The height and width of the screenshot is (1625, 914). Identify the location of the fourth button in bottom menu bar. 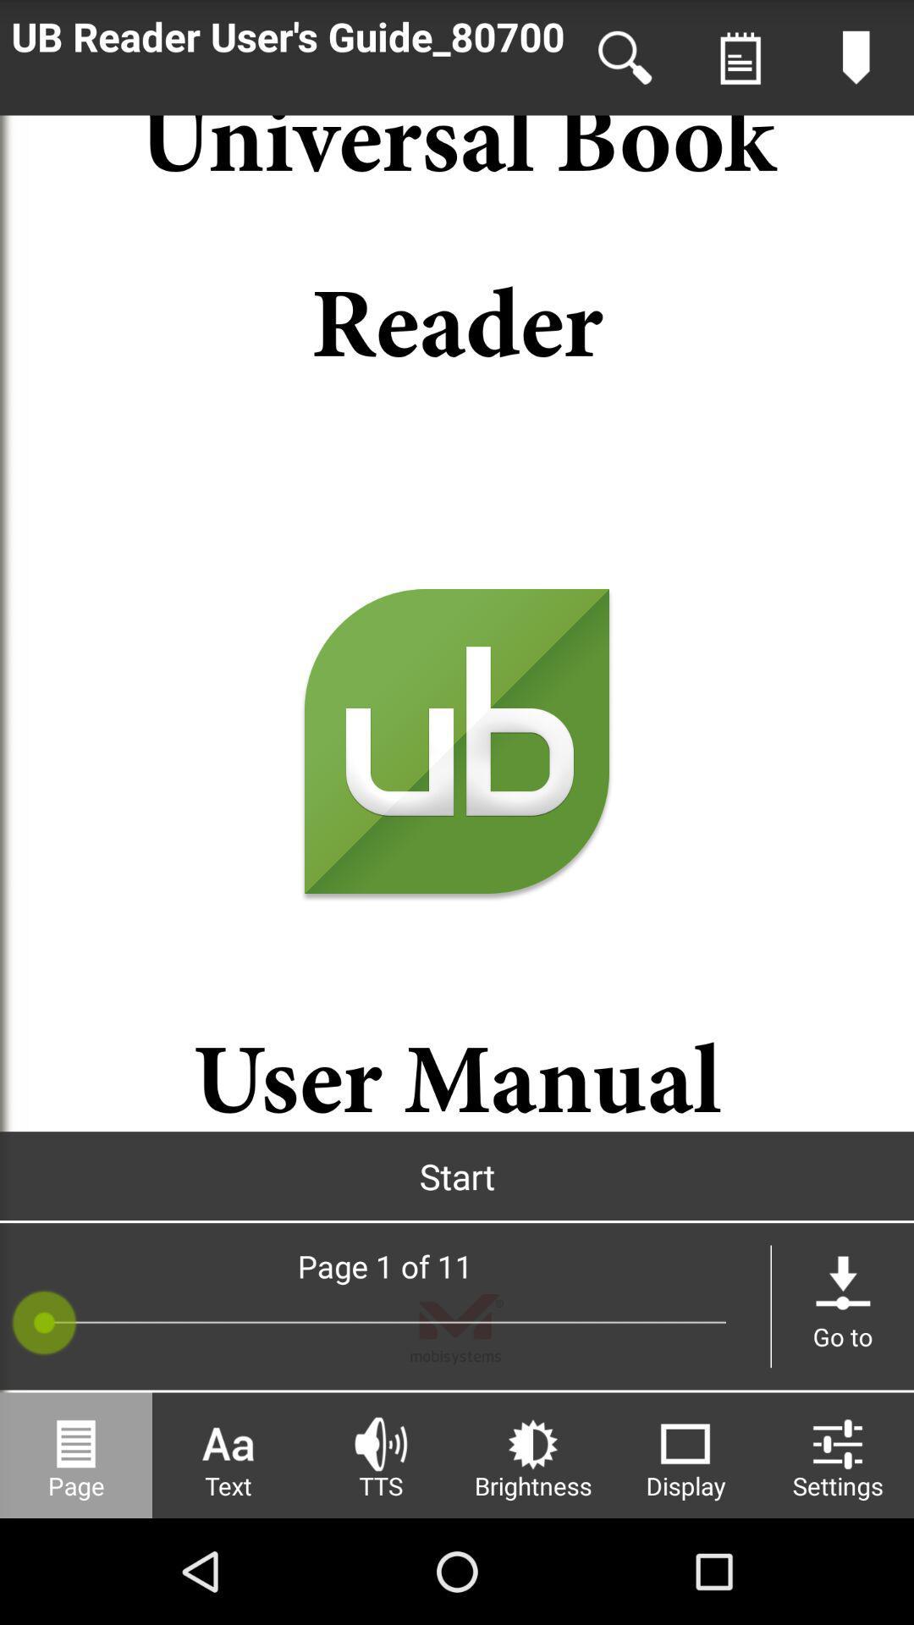
(531, 1454).